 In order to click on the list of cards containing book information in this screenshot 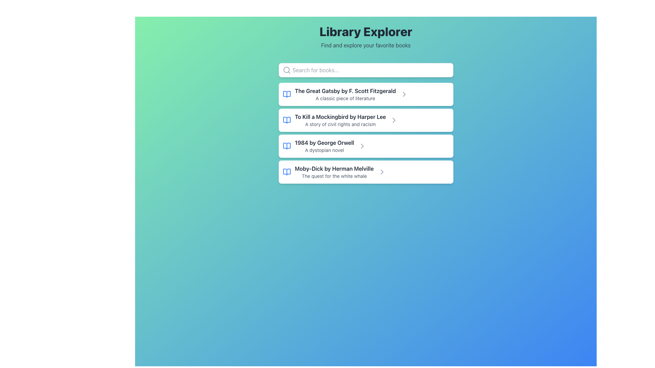, I will do `click(365, 133)`.